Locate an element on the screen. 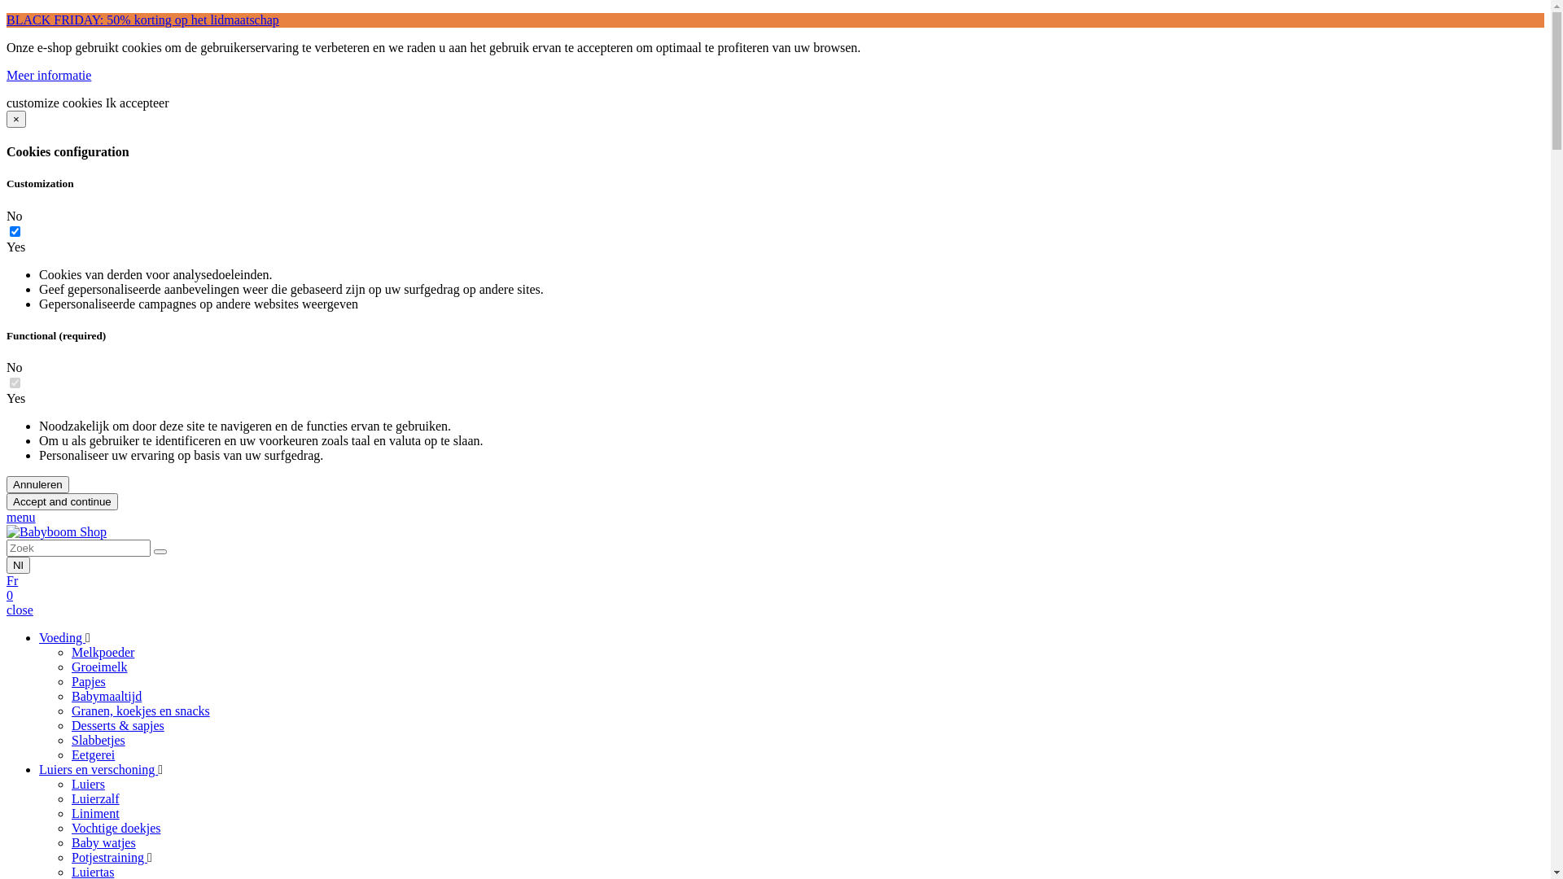 This screenshot has width=1563, height=879. 'Potjestraining' is located at coordinates (108, 856).